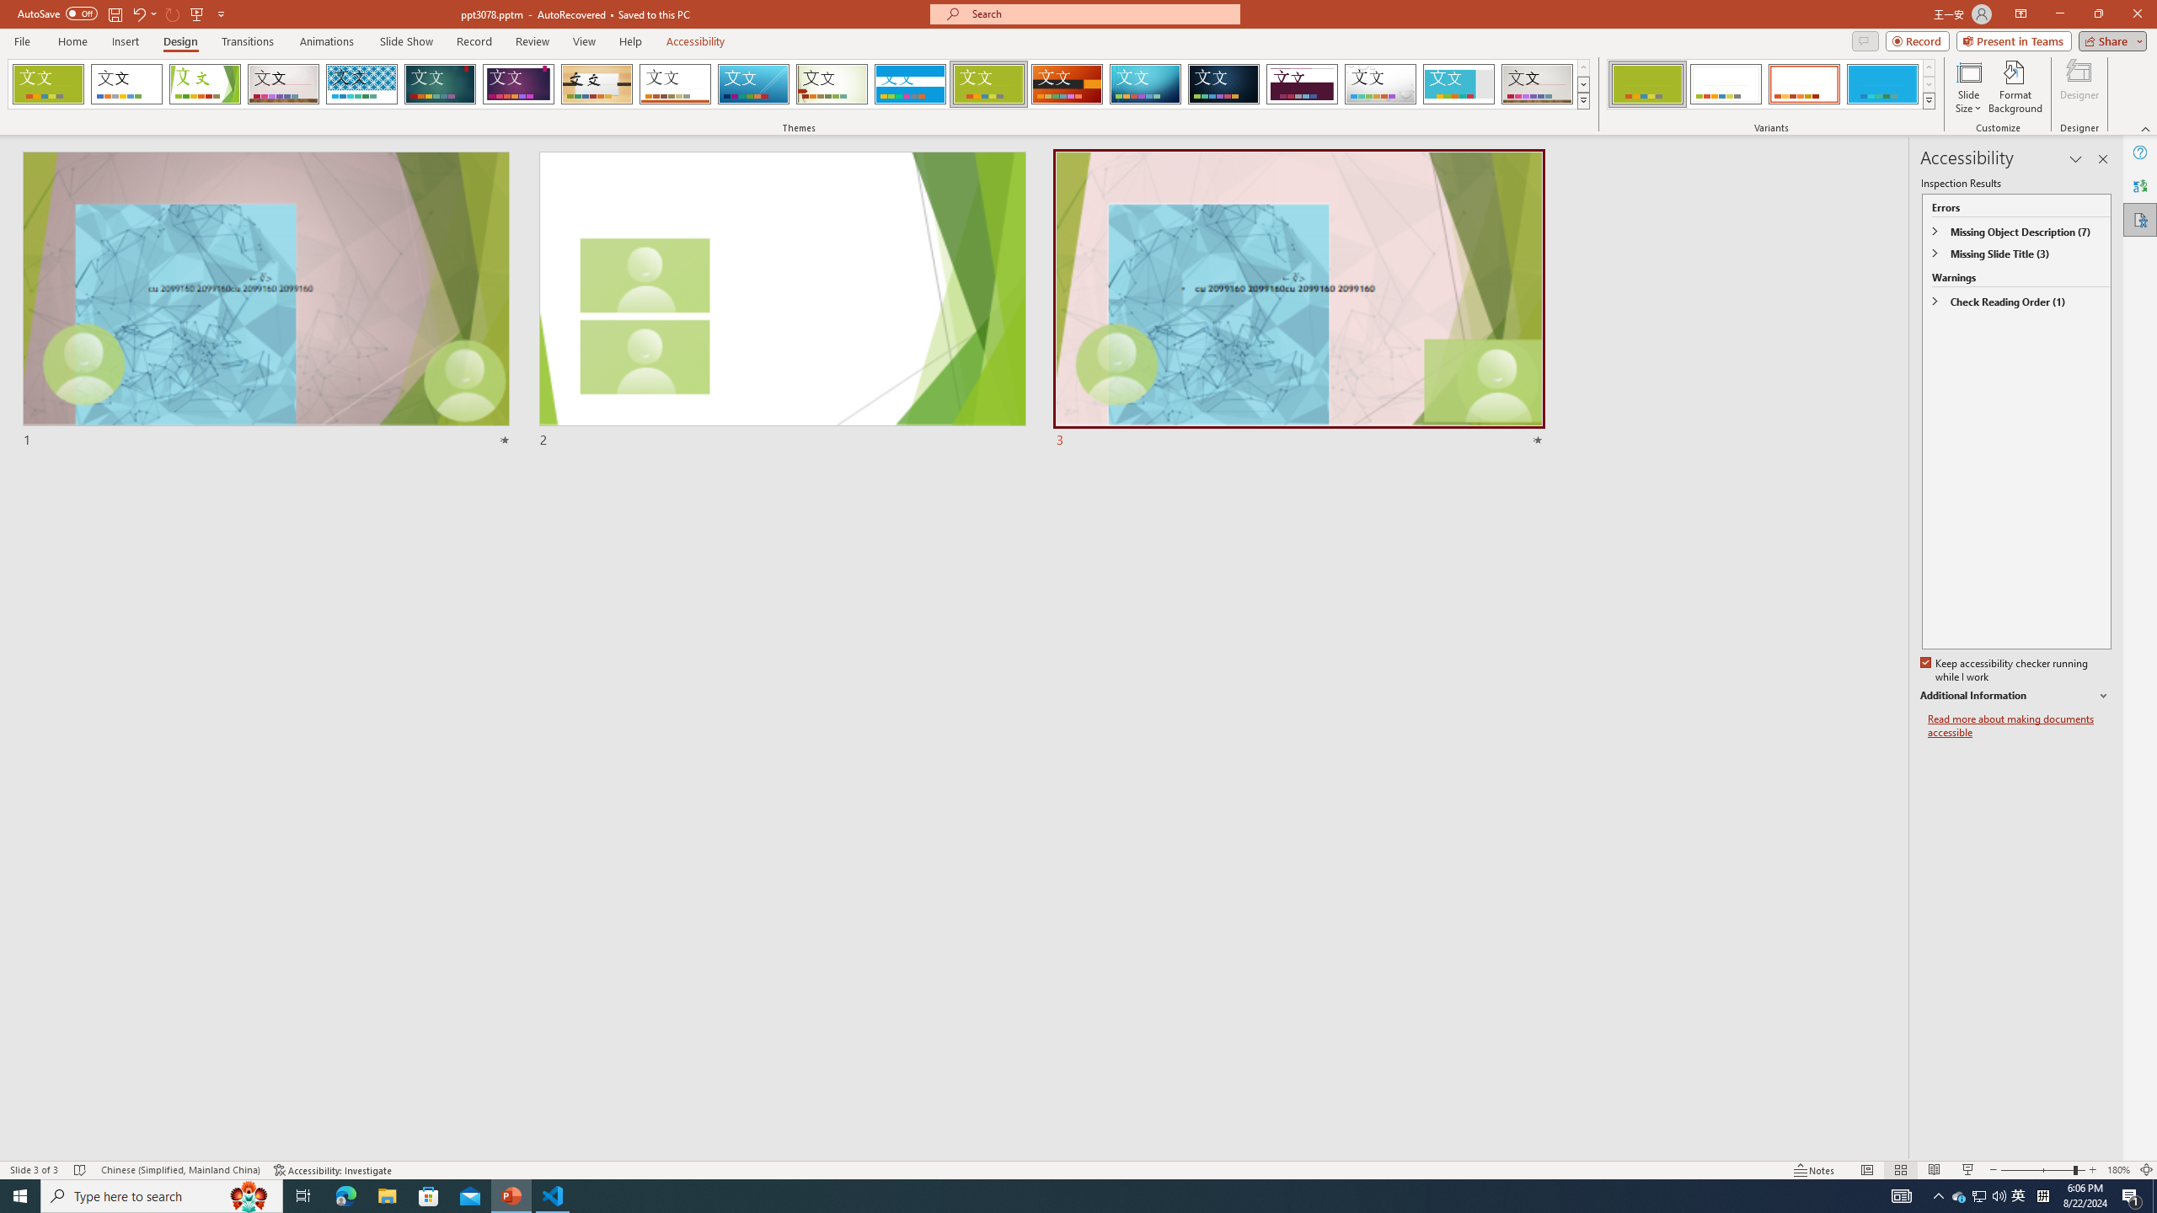  I want to click on 'Slice', so click(752, 83).